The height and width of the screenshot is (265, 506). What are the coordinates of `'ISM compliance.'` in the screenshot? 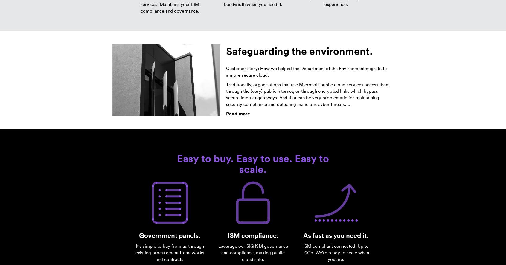 It's located at (253, 235).